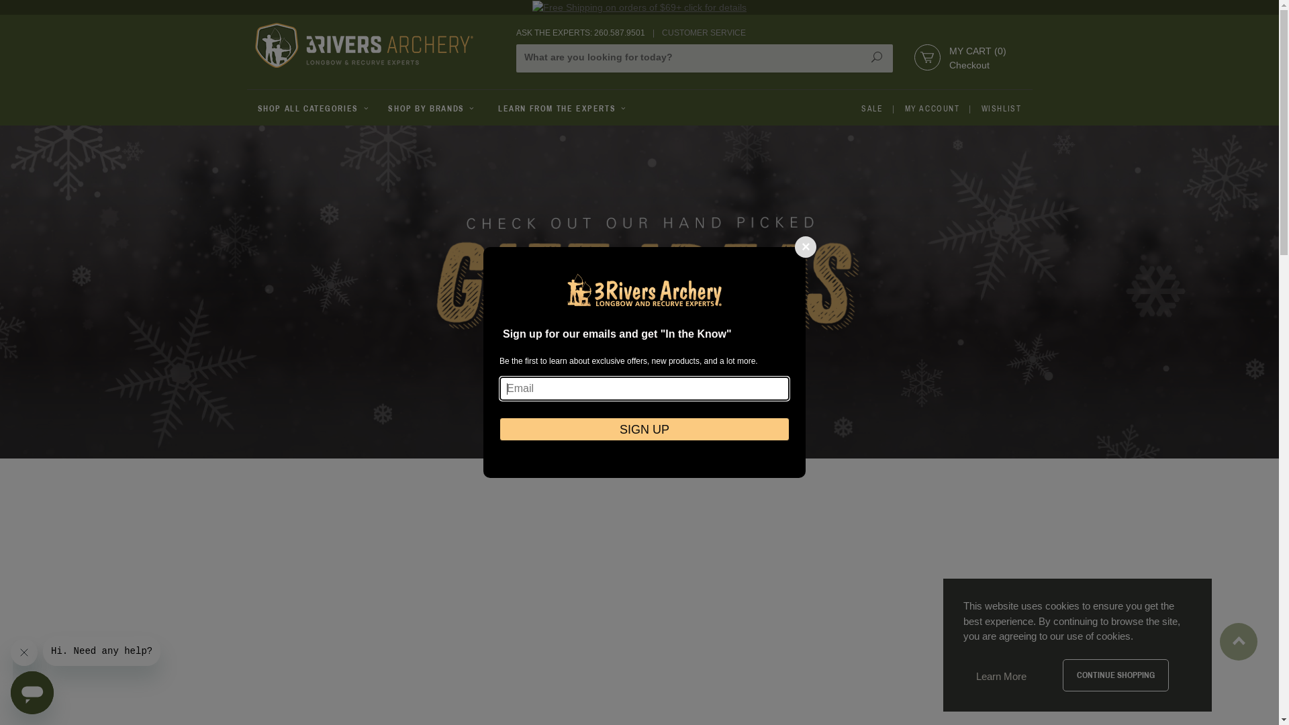 The width and height of the screenshot is (1289, 725). What do you see at coordinates (432, 108) in the screenshot?
I see `'SHOP BY BRANDS'` at bounding box center [432, 108].